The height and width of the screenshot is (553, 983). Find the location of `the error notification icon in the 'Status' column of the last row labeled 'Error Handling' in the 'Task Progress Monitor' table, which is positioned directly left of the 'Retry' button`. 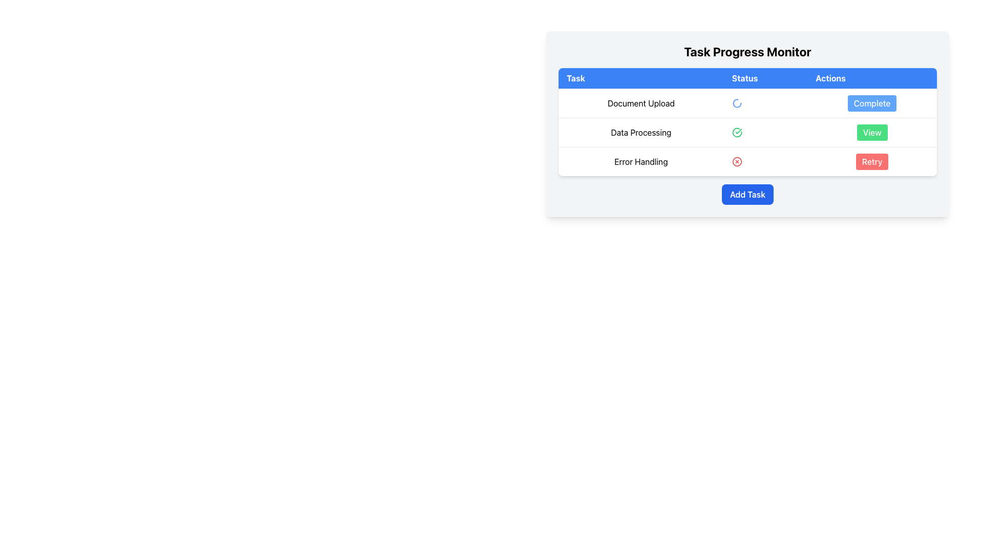

the error notification icon in the 'Status' column of the last row labeled 'Error Handling' in the 'Task Progress Monitor' table, which is positioned directly left of the 'Retry' button is located at coordinates (736, 161).